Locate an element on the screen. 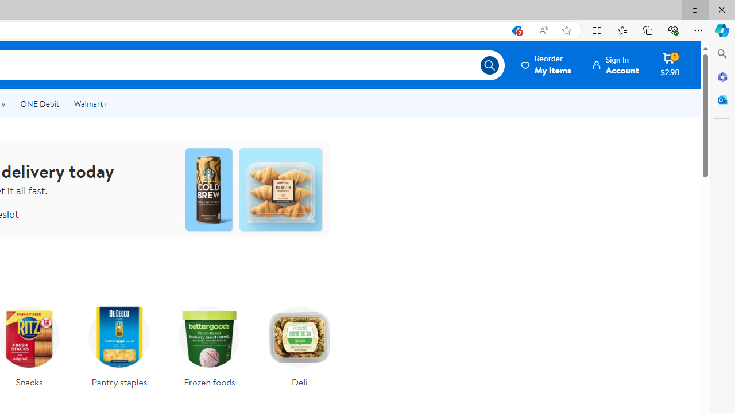 The height and width of the screenshot is (413, 735). 'Cart contains 1 item Total Amount $2.98' is located at coordinates (670, 65).